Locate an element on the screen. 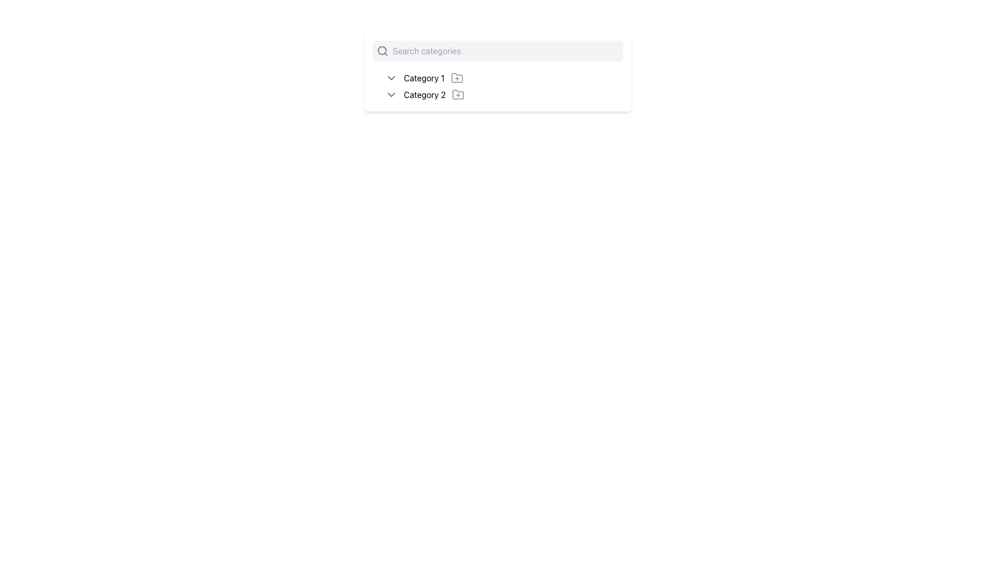 The width and height of the screenshot is (1002, 563). the first text entry of the dropdown menu labeled 'Category 1' is located at coordinates (424, 78).